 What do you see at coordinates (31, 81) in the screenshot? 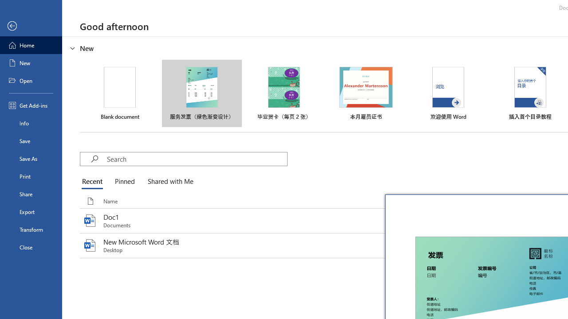
I see `'Open'` at bounding box center [31, 81].